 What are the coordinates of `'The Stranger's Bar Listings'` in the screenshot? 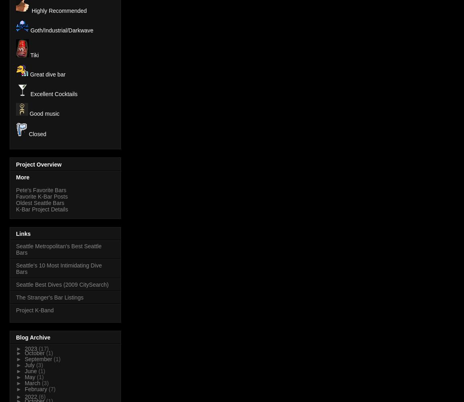 It's located at (49, 297).